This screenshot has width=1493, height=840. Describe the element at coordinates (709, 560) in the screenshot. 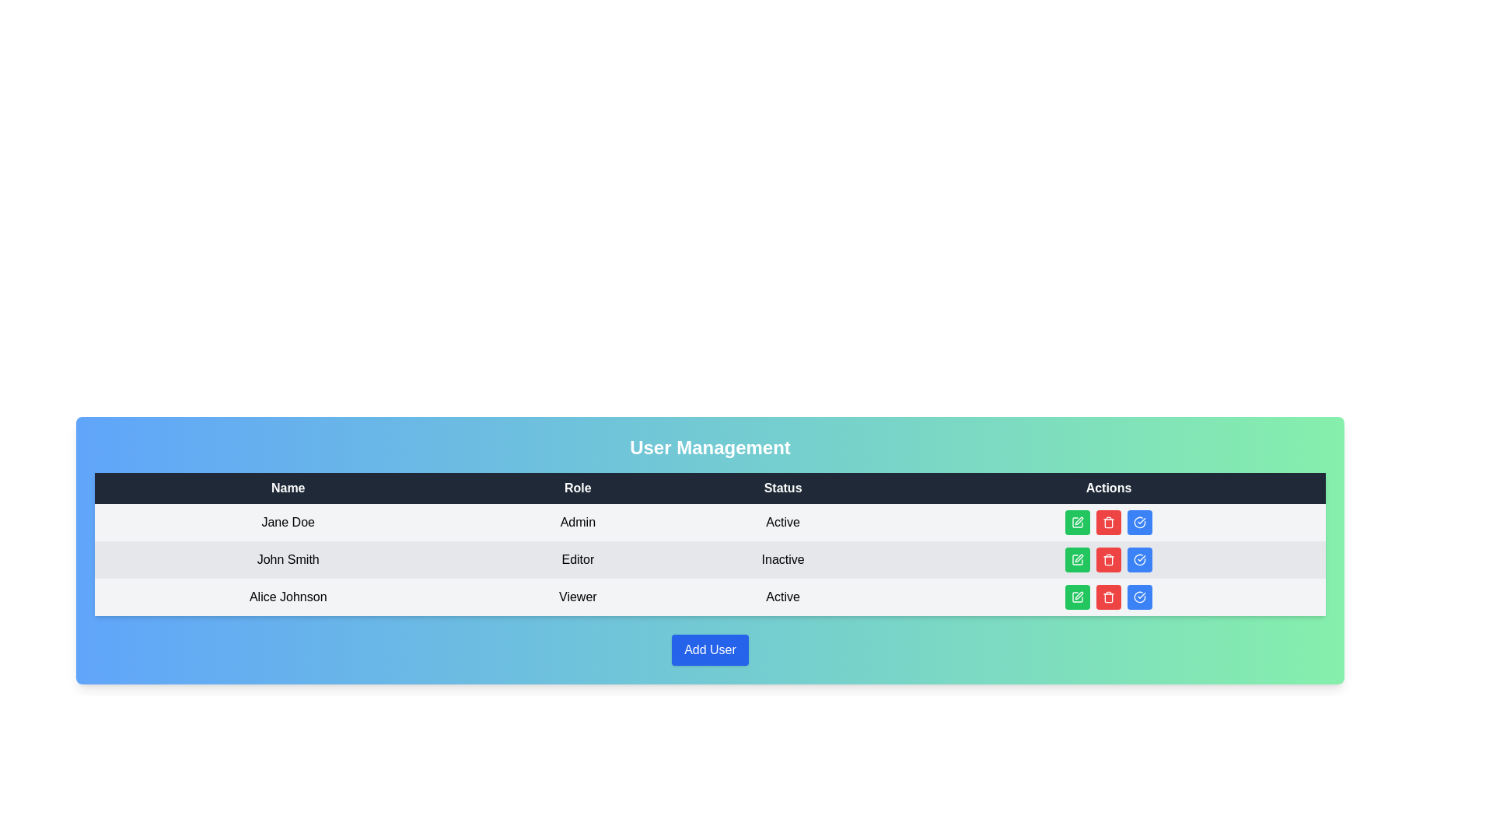

I see `text within the second row of the user management table, which contains user details for the entity below 'Jane Doe' and above 'Alice Johnson'` at that location.